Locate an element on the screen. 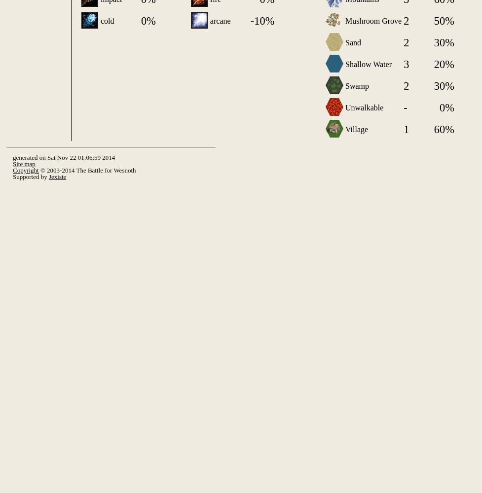  '20%' is located at coordinates (443, 64).